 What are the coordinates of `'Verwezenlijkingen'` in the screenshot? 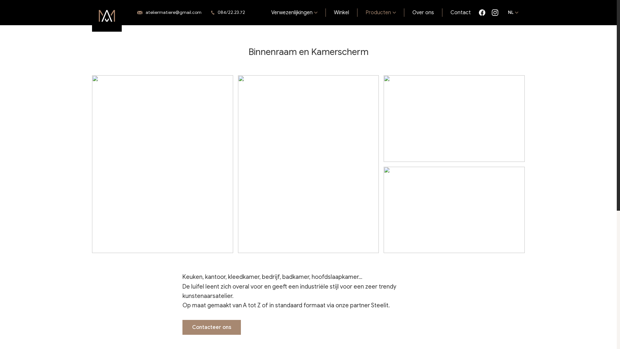 It's located at (294, 12).